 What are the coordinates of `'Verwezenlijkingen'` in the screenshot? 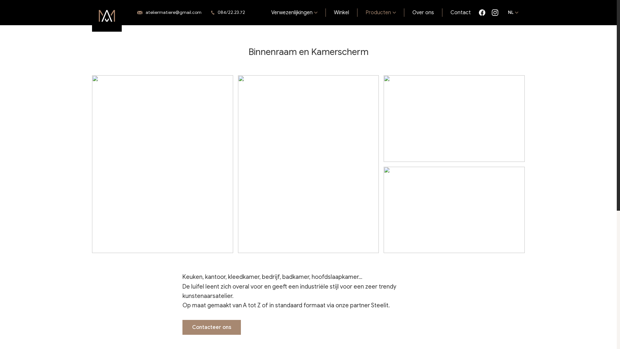 It's located at (294, 12).